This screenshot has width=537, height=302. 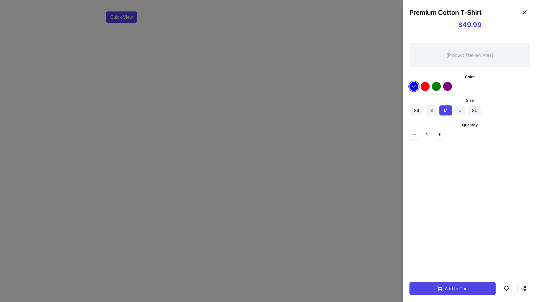 What do you see at coordinates (425, 86) in the screenshot?
I see `the small circular button with a red background, which is the second button in a horizontal sequence of color selection buttons` at bounding box center [425, 86].